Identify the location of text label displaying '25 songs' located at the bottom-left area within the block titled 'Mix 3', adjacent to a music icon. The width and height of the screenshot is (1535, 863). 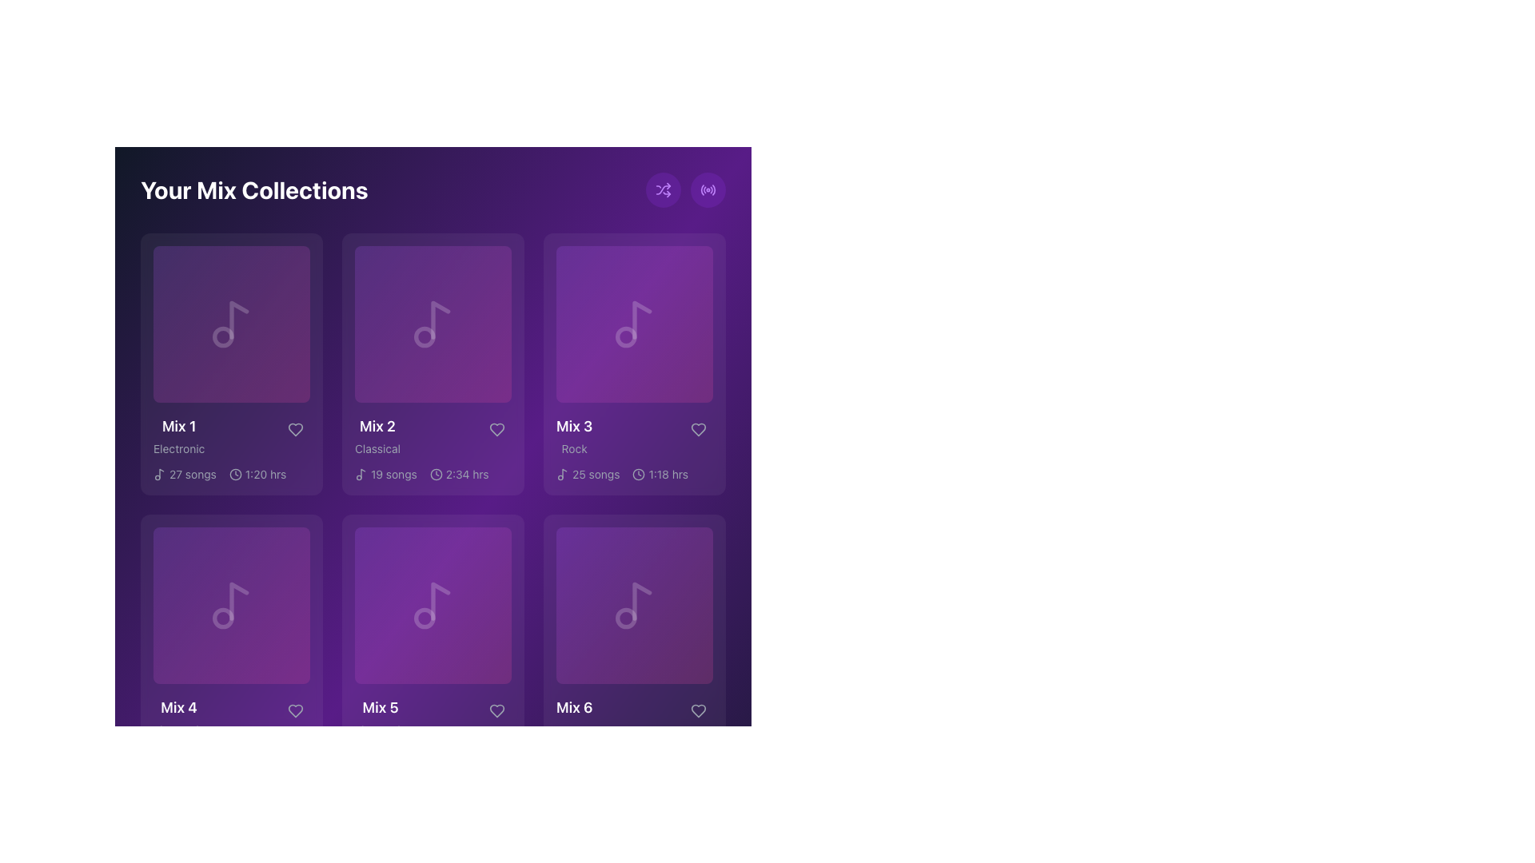
(595, 474).